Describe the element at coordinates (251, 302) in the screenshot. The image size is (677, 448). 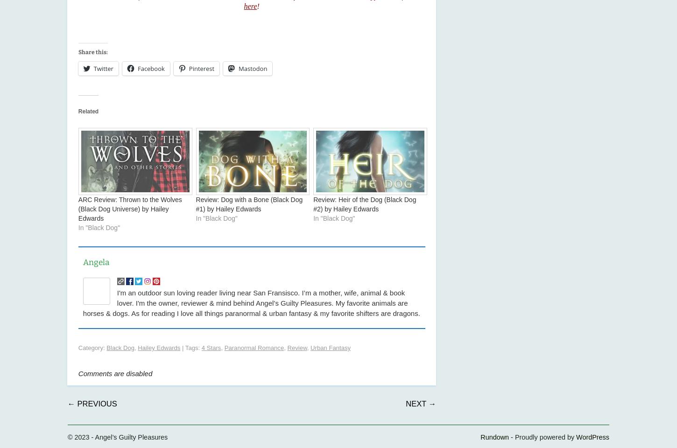
I see `'I'm an outdoor sun loving reader living near San Fransisco. I’m a mother, wife, animal & book lover. I'm the owner, reviewer & mind behind Angel’s Guilty Pleasures. My favorite animals are horses & dogs. As for reading I love all things paranormal & urban fantasy & my favorite shifters are dragons.'` at that location.